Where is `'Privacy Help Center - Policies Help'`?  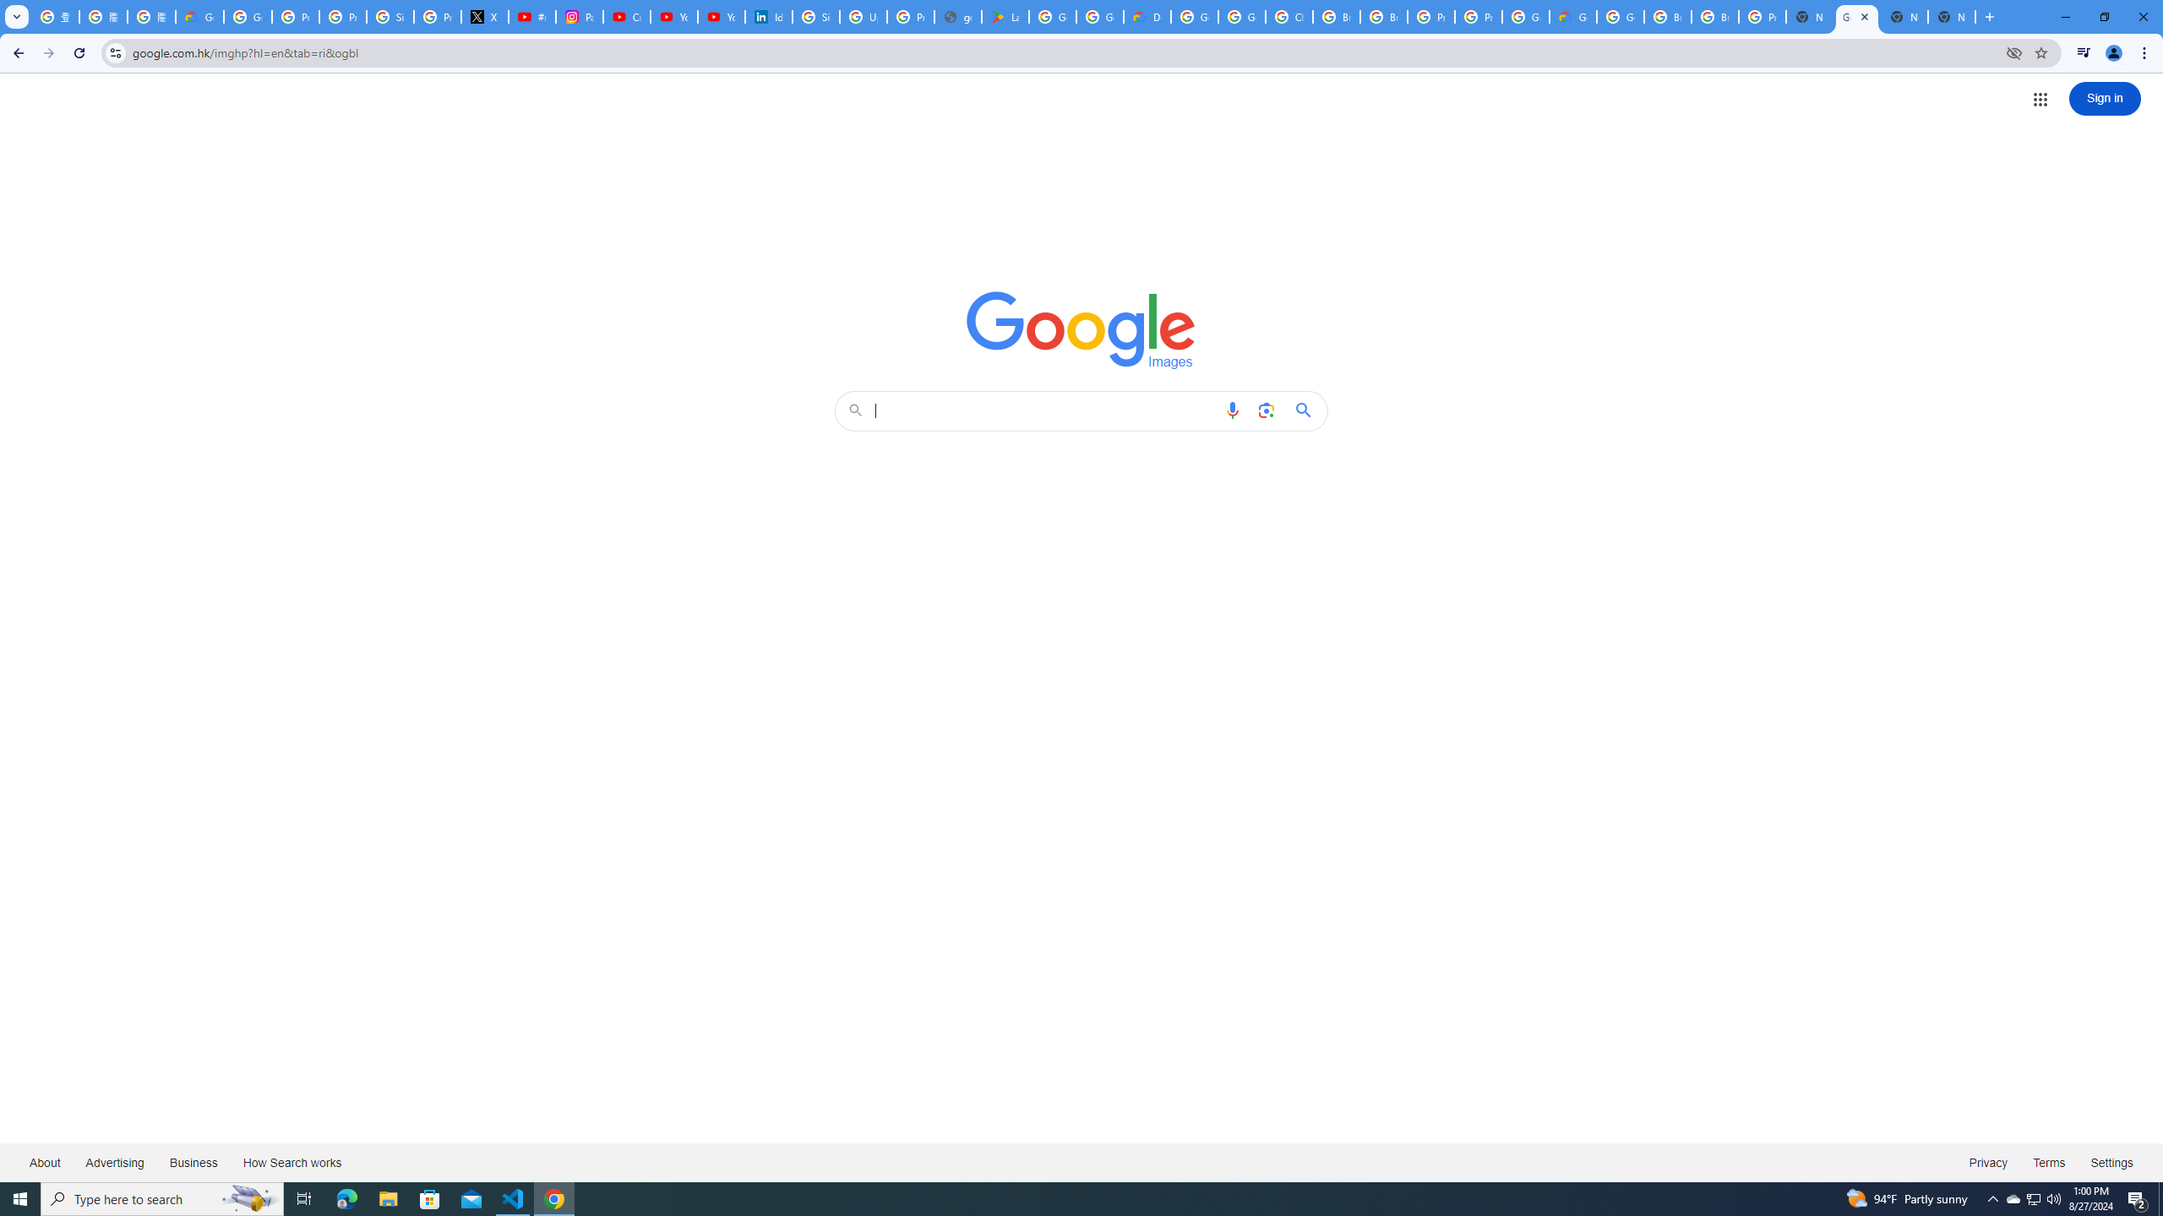 'Privacy Help Center - Policies Help' is located at coordinates (341, 16).